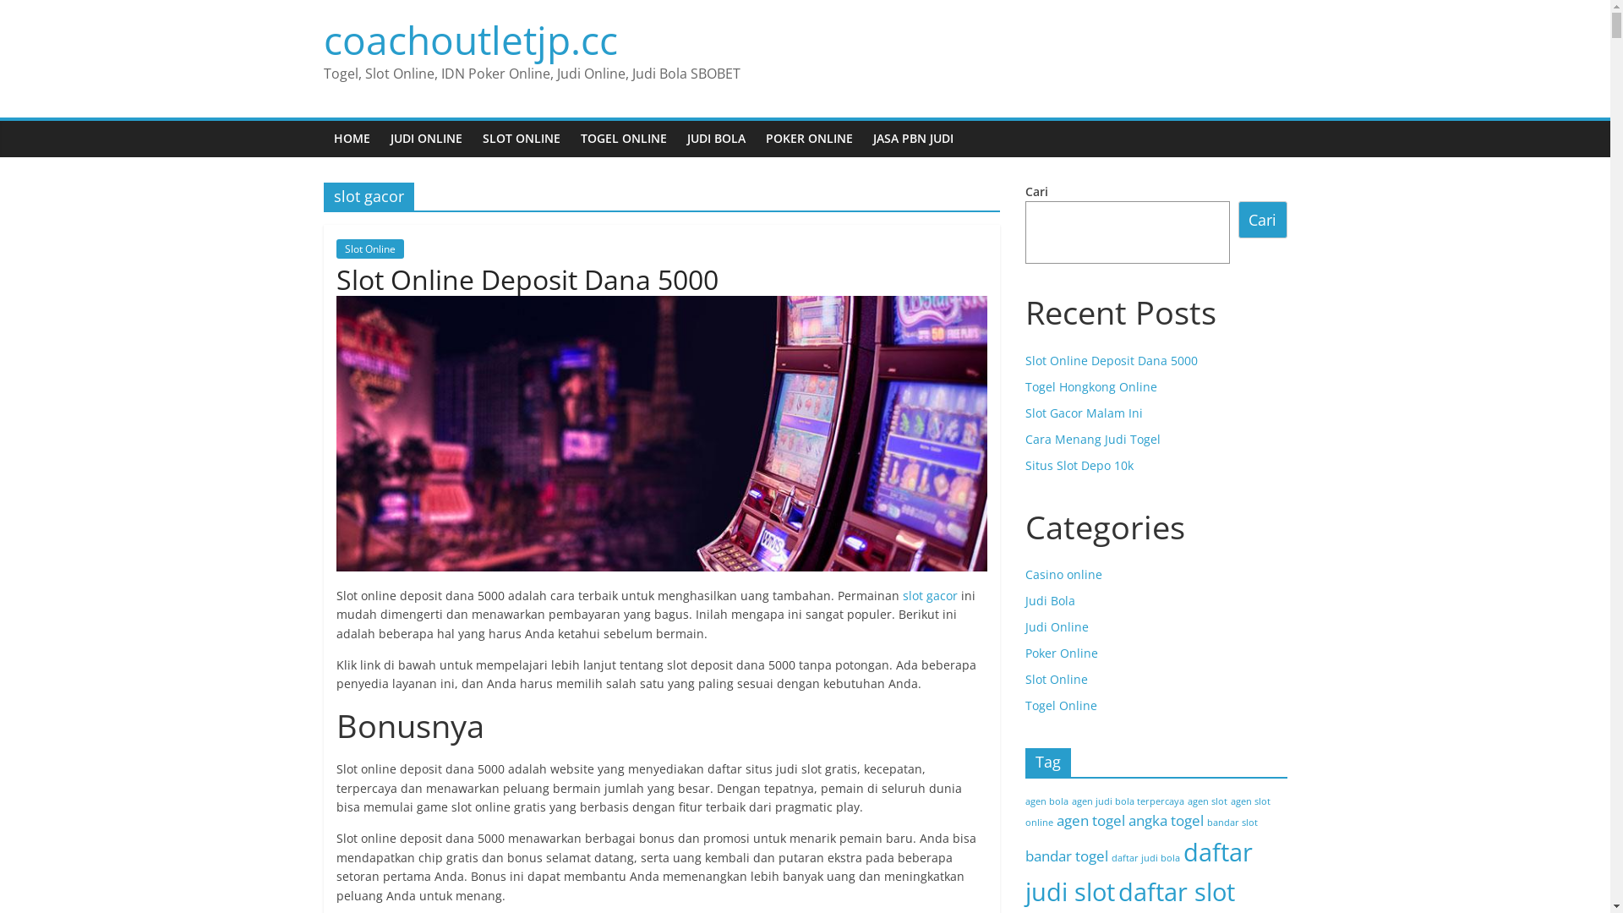 This screenshot has height=913, width=1623. I want to click on 'coachoutletjp.cc', so click(470, 38).